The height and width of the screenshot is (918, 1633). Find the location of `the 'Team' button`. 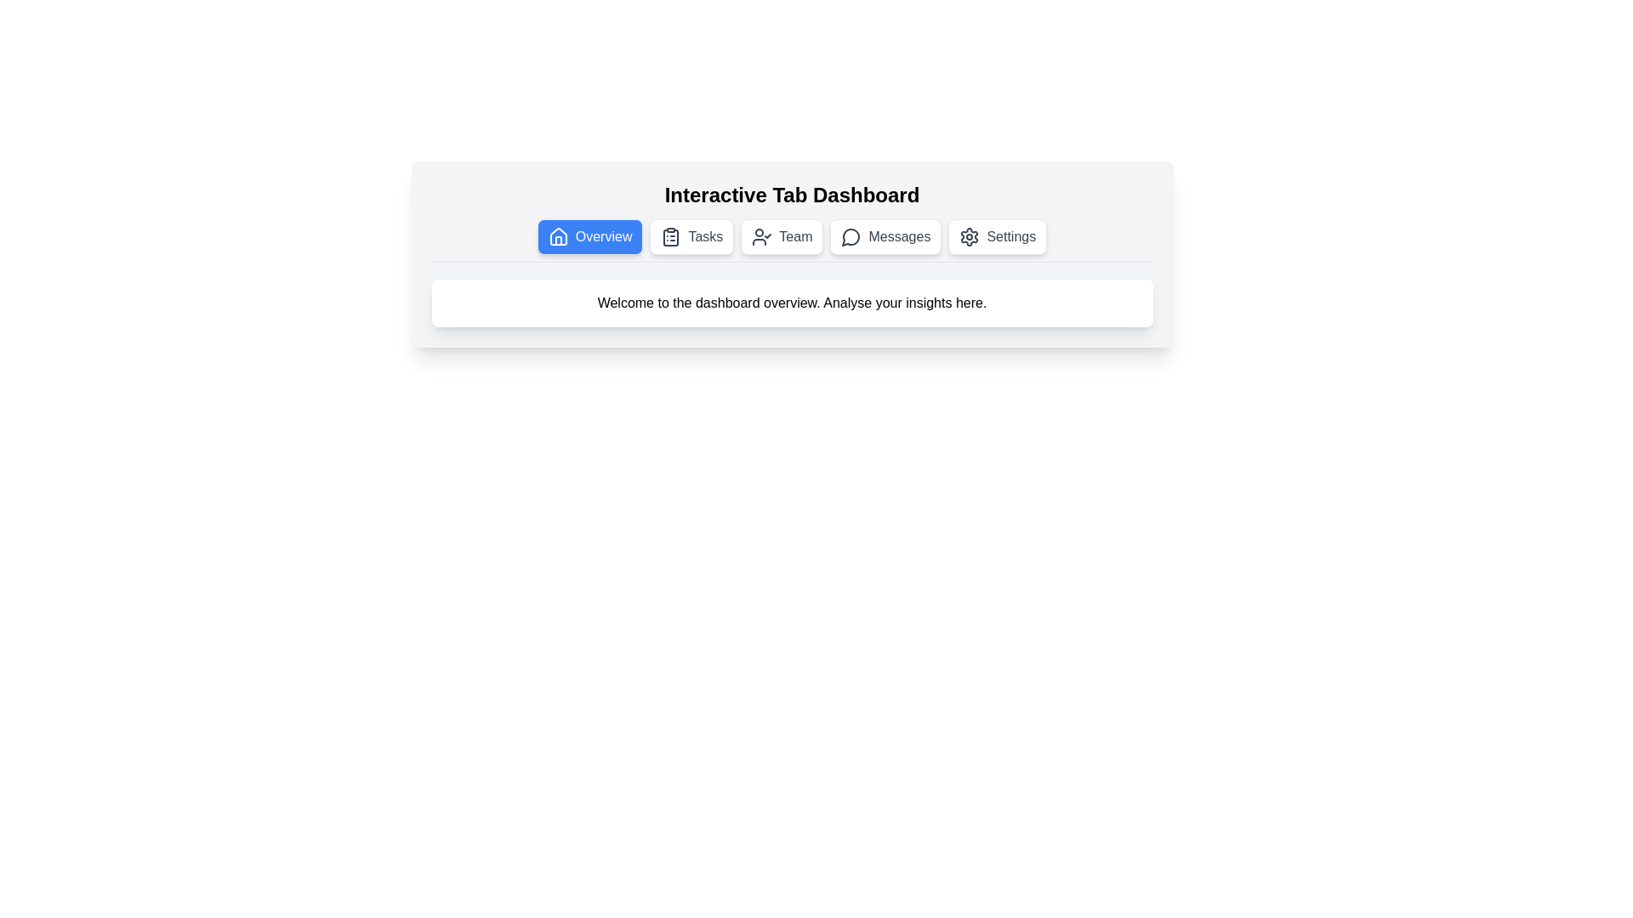

the 'Team' button is located at coordinates (781, 236).